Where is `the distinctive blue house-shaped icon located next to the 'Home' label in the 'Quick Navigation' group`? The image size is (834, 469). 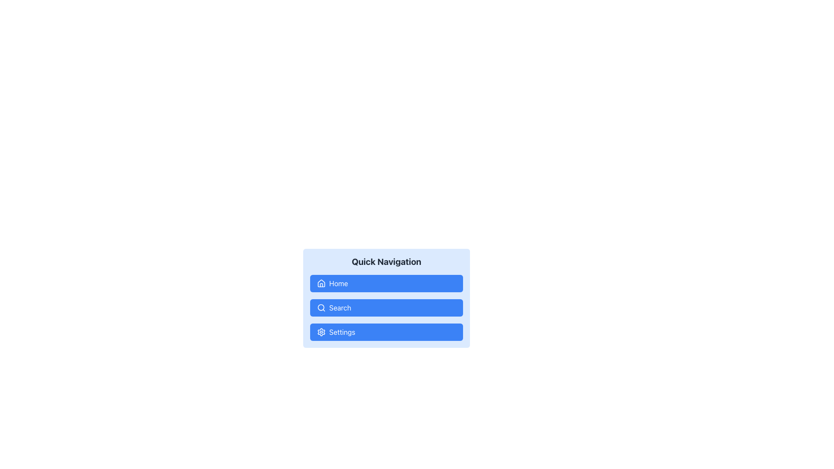
the distinctive blue house-shaped icon located next to the 'Home' label in the 'Quick Navigation' group is located at coordinates (321, 283).